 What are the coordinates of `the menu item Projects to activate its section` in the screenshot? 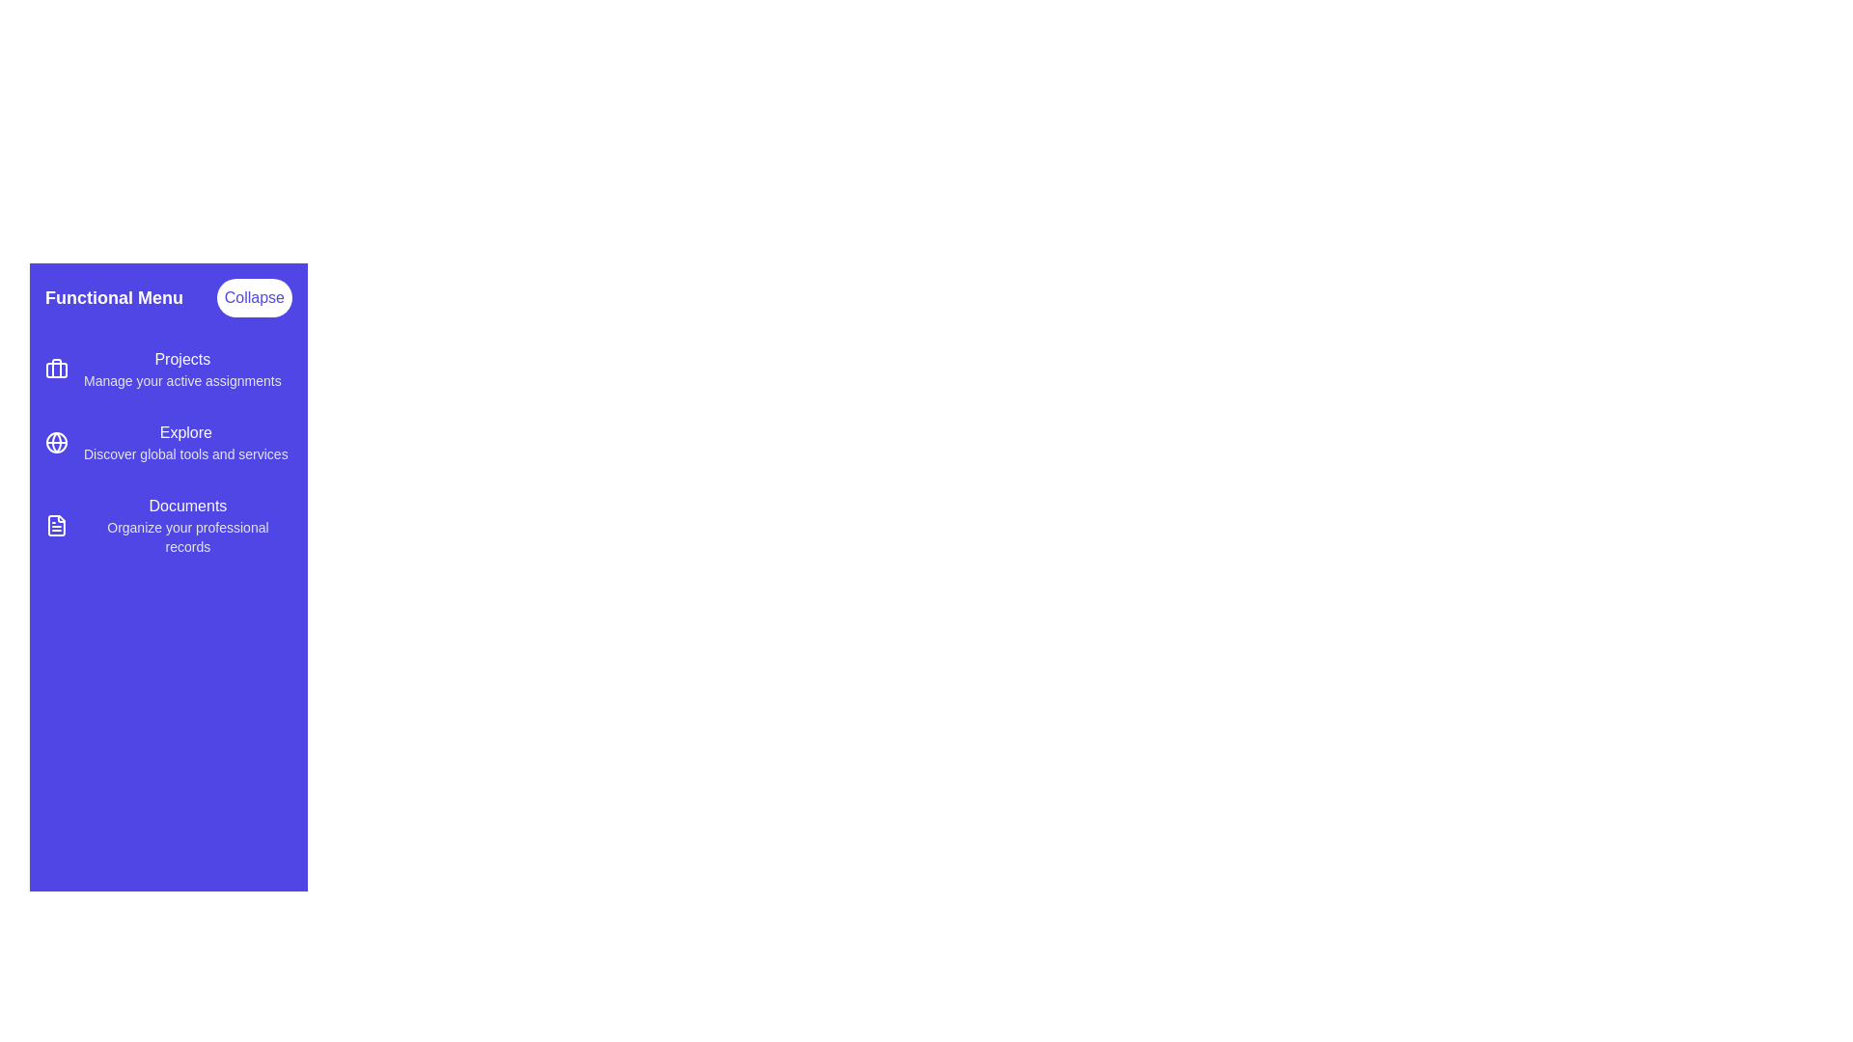 It's located at (168, 369).